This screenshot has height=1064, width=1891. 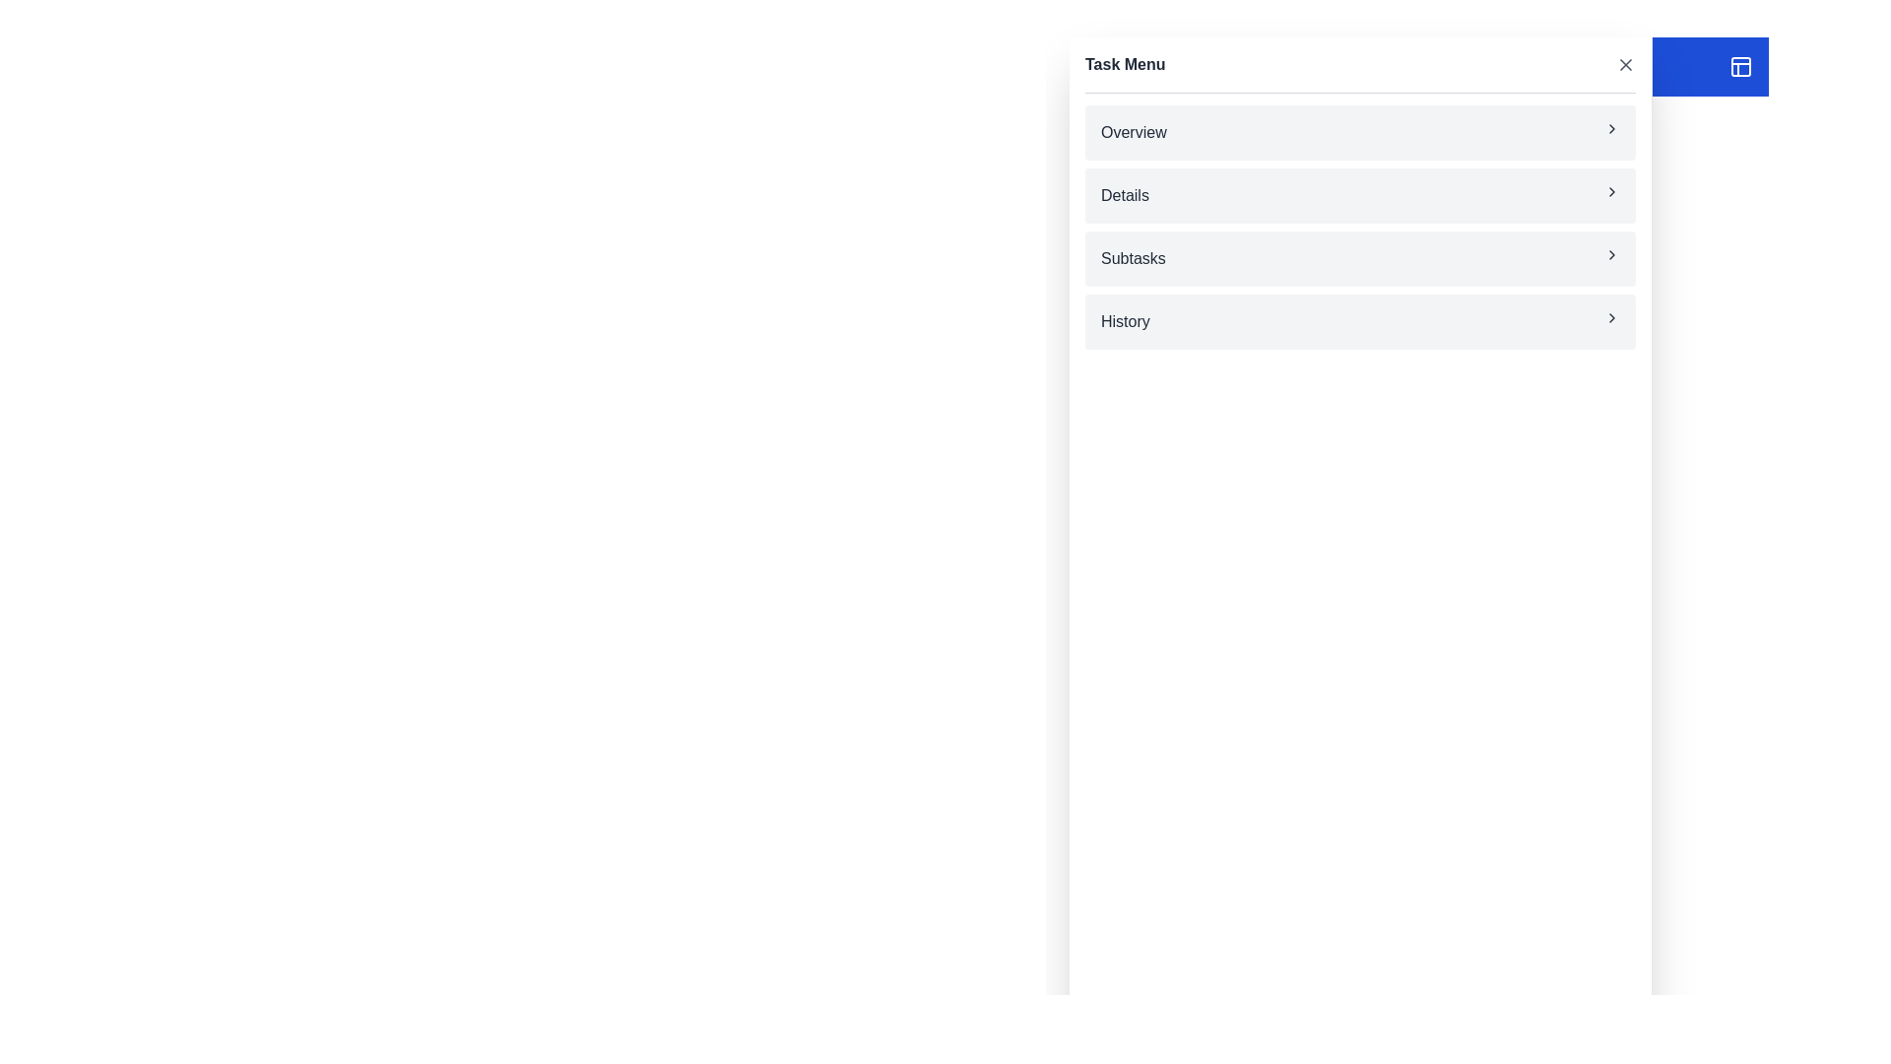 What do you see at coordinates (1740, 66) in the screenshot?
I see `the button located at the far-right end of the header bar, adjacent to the 'Tasks' title` at bounding box center [1740, 66].